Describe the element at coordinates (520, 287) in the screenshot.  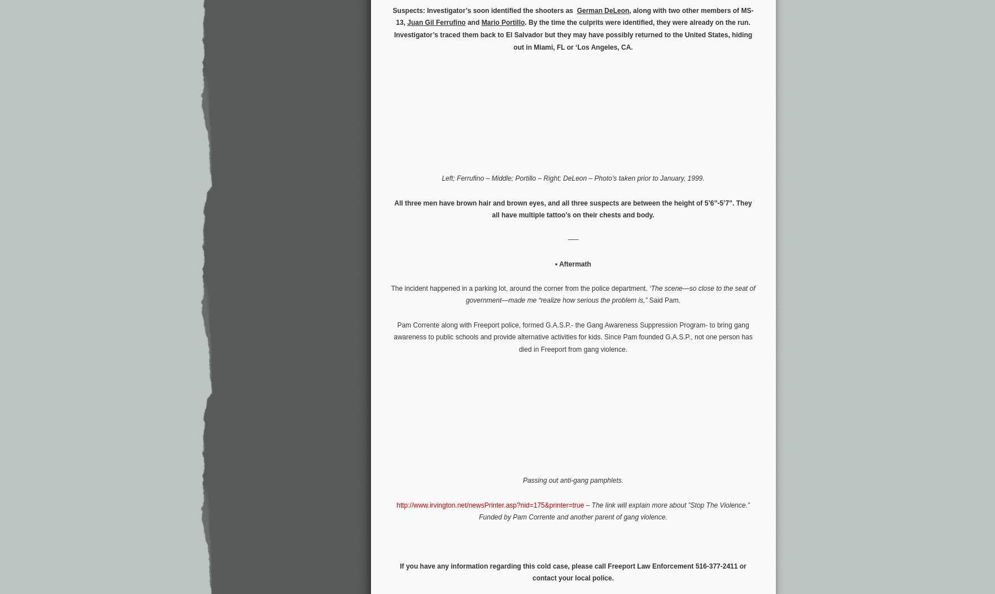
I see `'The incident happened in a parking lot, around the corner from the police department.'` at that location.